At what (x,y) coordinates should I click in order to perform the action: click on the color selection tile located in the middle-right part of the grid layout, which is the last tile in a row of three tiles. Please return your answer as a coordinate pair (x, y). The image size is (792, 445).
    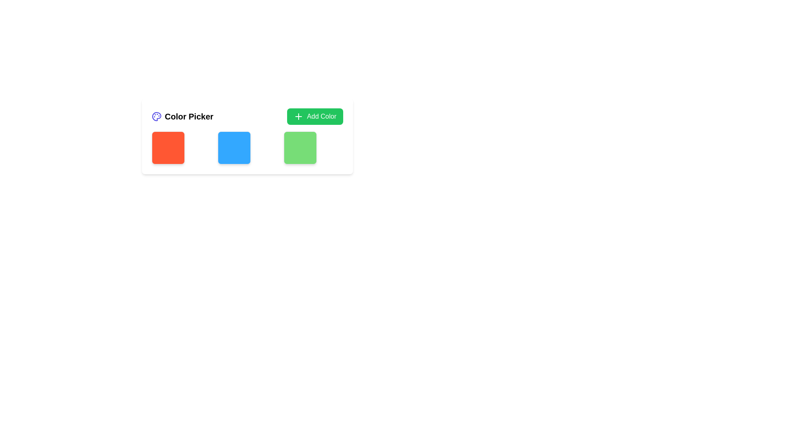
    Looking at the image, I should click on (299, 147).